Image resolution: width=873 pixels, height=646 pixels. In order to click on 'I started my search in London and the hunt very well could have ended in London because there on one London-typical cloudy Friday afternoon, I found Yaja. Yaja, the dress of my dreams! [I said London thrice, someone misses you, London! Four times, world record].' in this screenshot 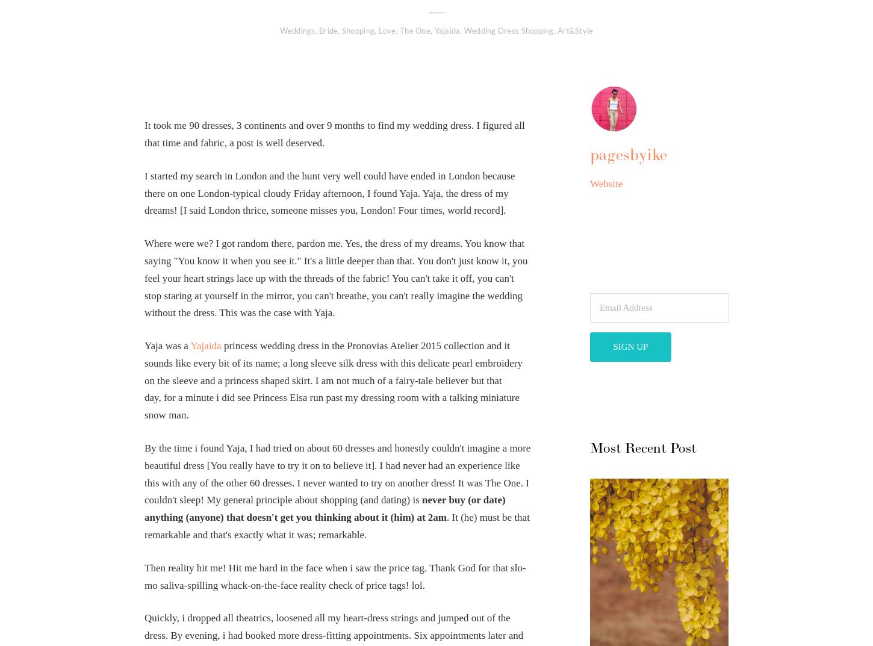, I will do `click(329, 193)`.